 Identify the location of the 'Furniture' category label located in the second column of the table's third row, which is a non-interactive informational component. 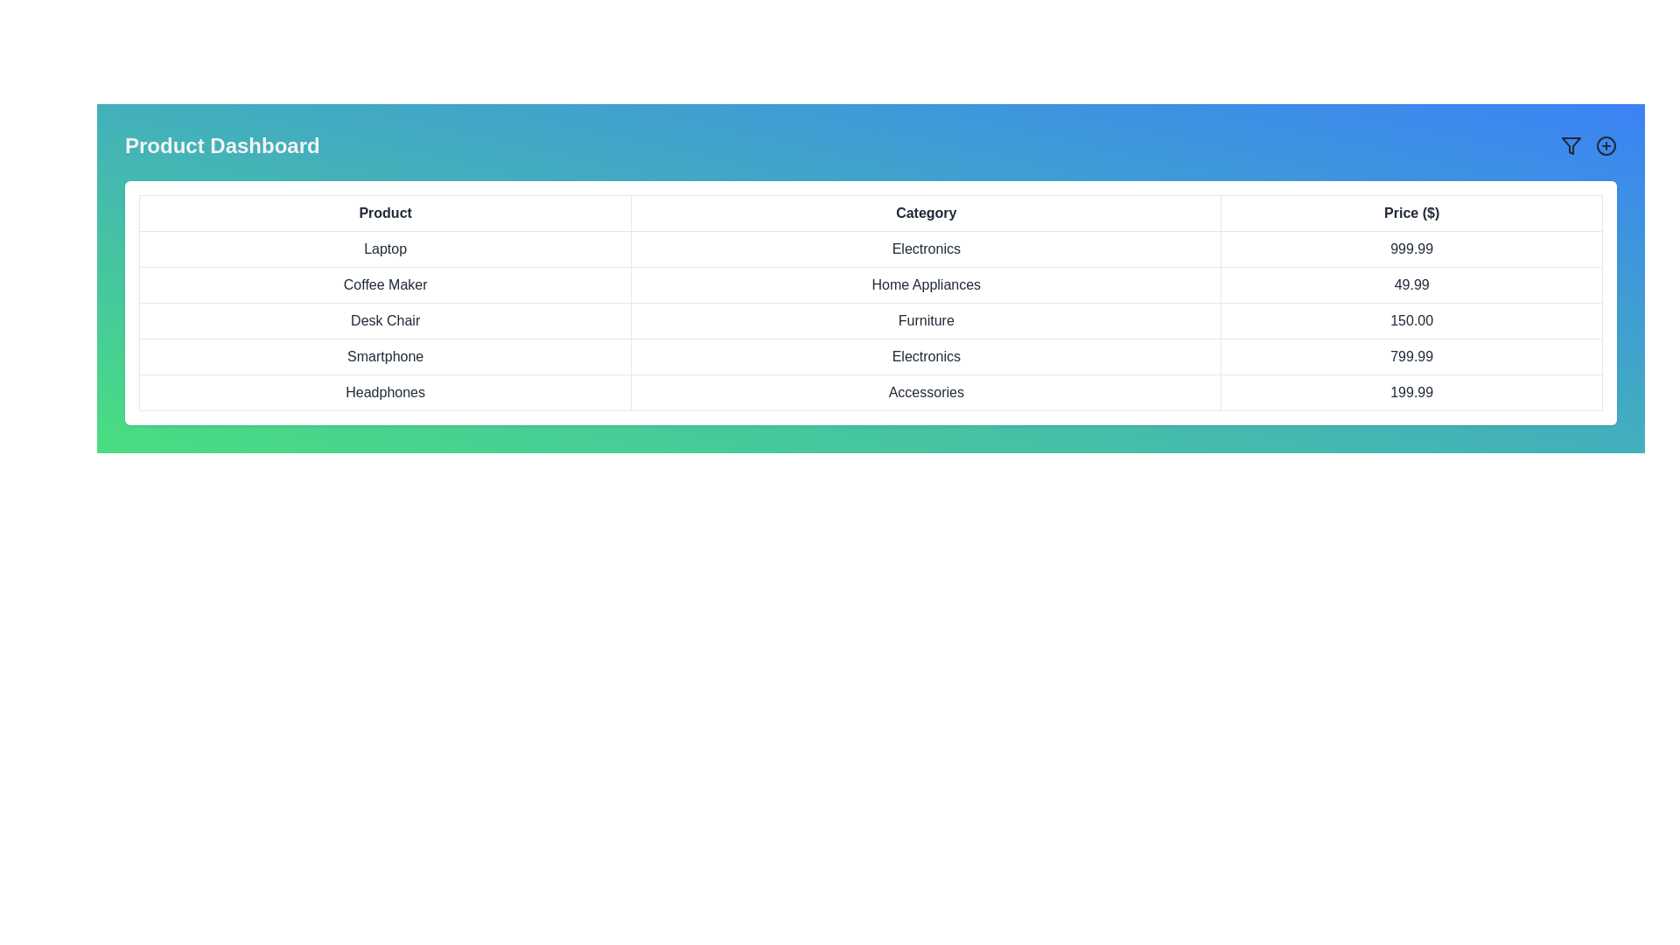
(925, 320).